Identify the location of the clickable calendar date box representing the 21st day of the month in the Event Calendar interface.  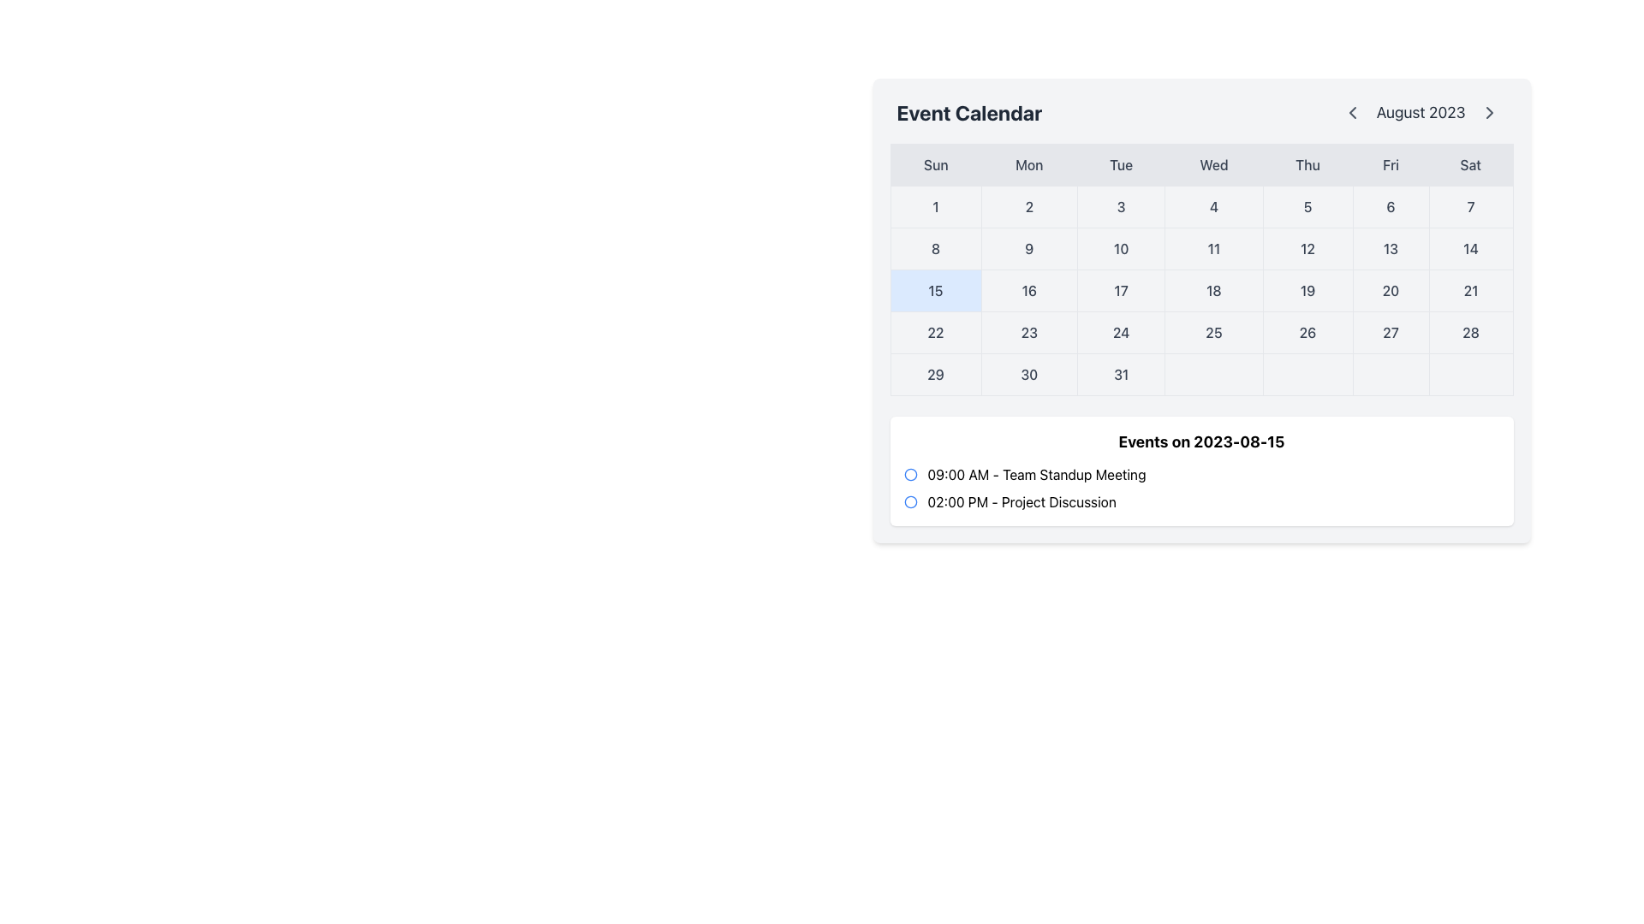
(1470, 289).